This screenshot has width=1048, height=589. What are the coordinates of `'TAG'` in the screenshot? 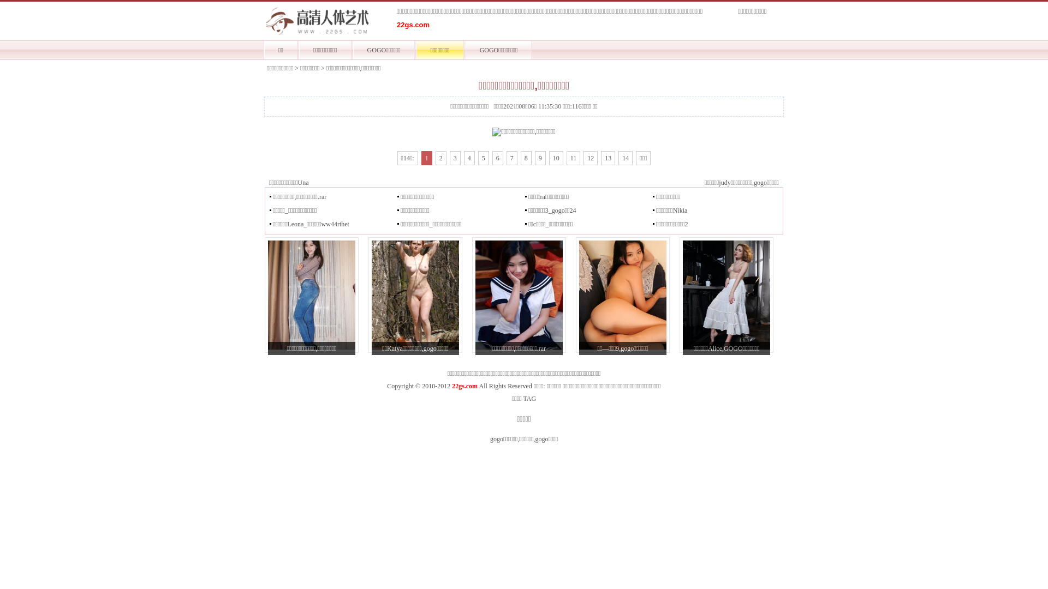 It's located at (522, 399).